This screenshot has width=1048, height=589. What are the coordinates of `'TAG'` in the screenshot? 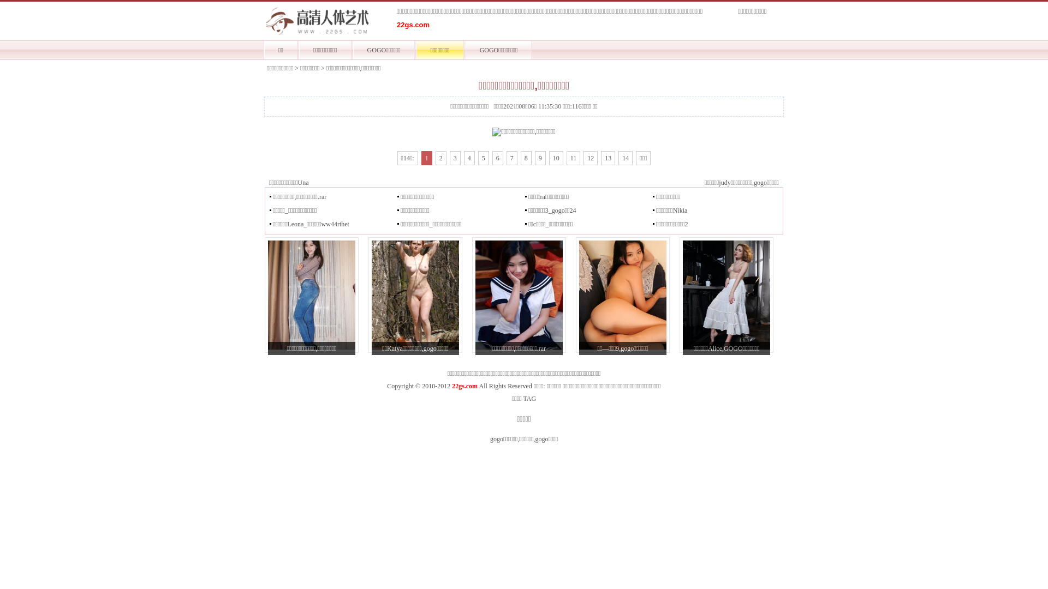 It's located at (522, 399).